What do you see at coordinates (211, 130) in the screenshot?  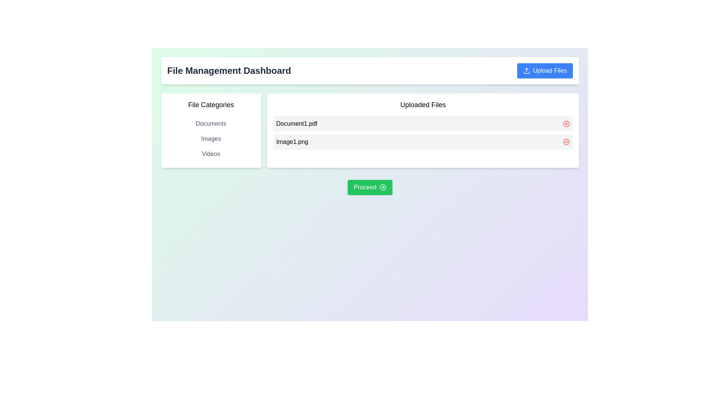 I see `a category in the Categorical navigation panel to filter files` at bounding box center [211, 130].